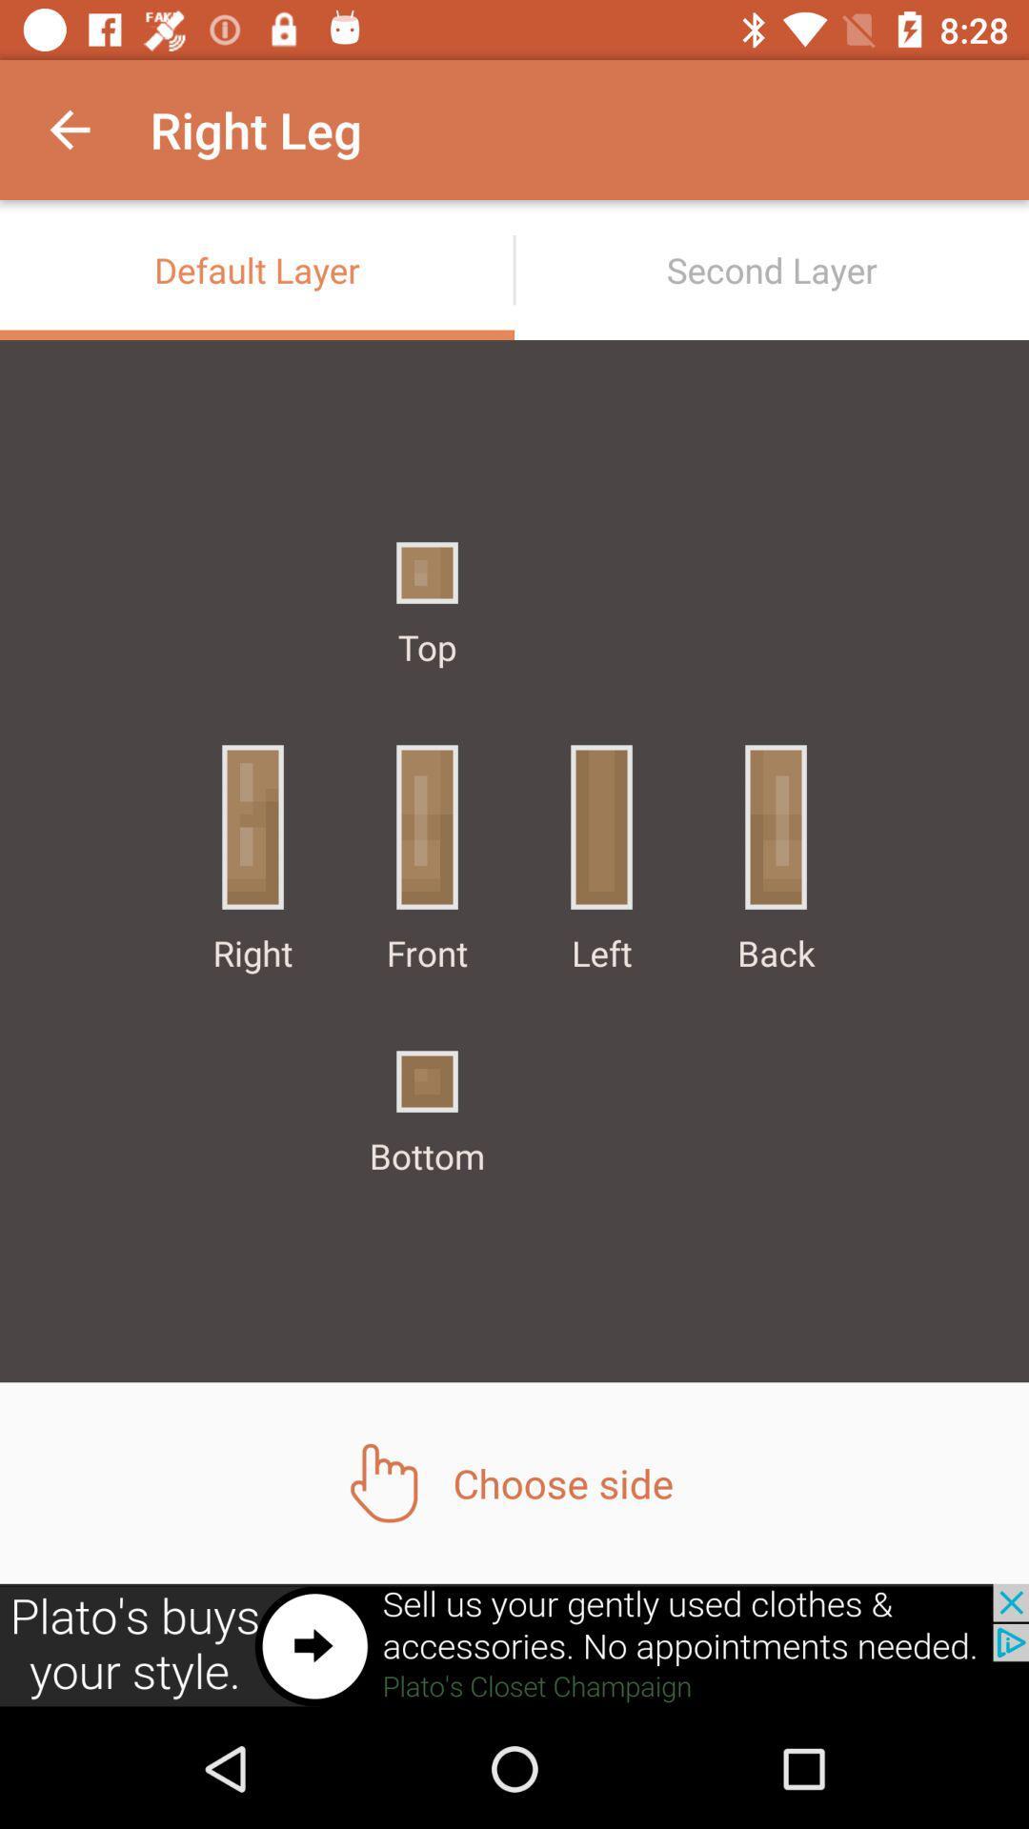 The height and width of the screenshot is (1829, 1029). Describe the element at coordinates (514, 1645) in the screenshot. I see `shows the advertisement tab` at that location.